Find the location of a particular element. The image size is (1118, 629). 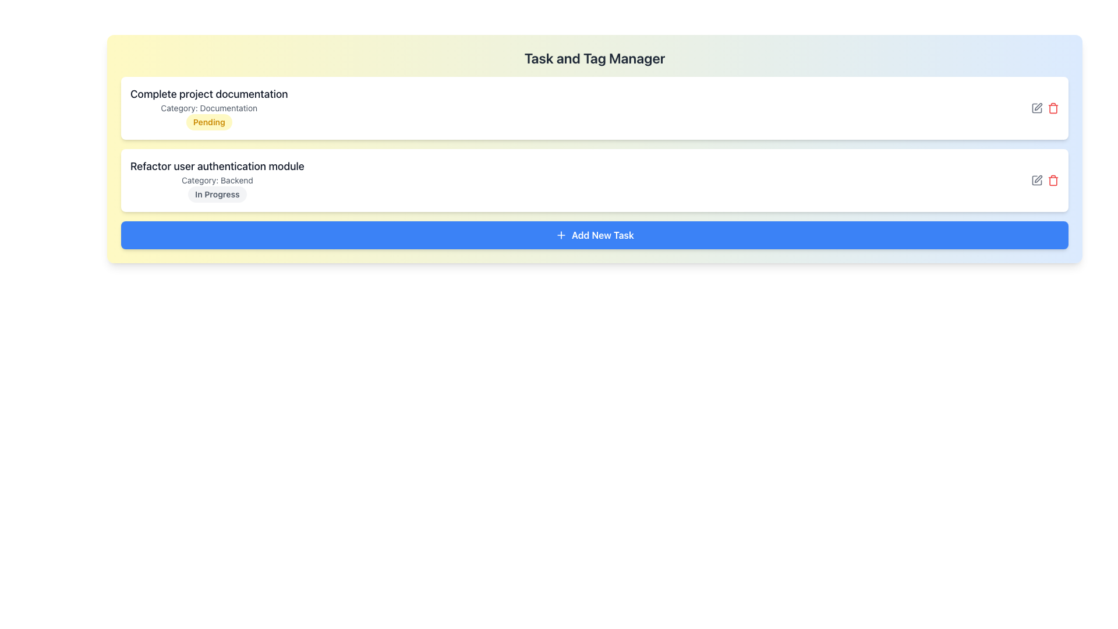

the status tag indicating 'In Progress' for the task 'Refactor user authentication module', located in the second row of the task list is located at coordinates (217, 194).